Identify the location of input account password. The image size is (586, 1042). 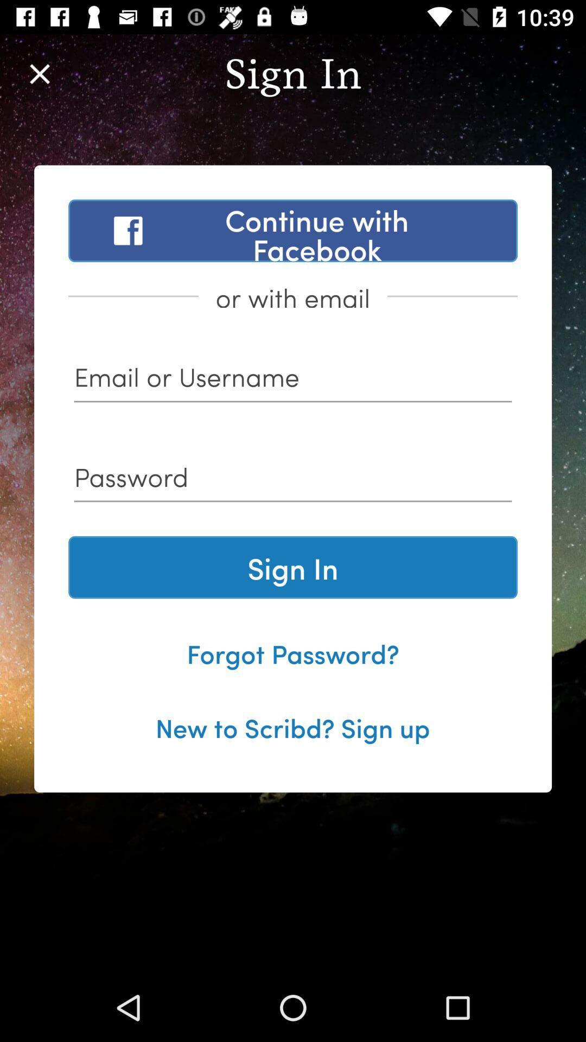
(293, 480).